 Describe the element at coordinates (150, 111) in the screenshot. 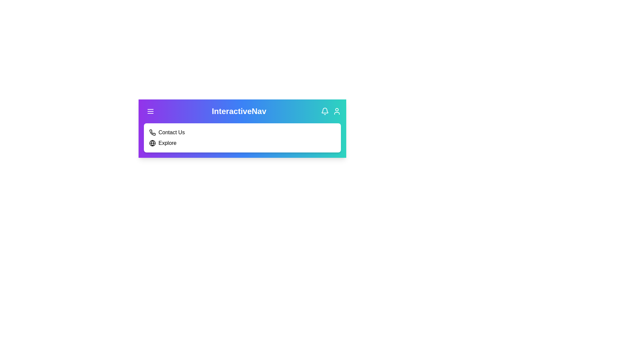

I see `the menu toggle button to expand or collapse the menu` at that location.